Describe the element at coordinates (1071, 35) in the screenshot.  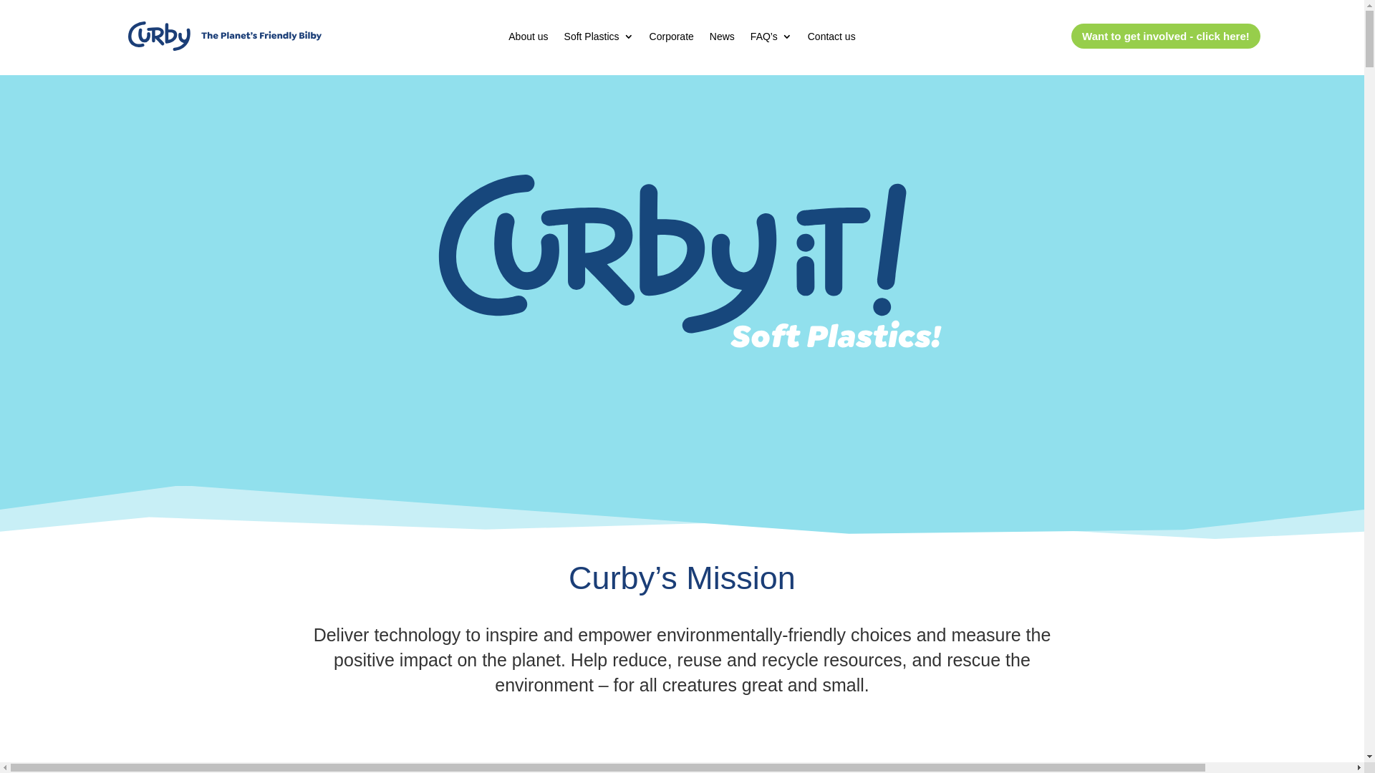
I see `'Want to get involved - click here!'` at that location.